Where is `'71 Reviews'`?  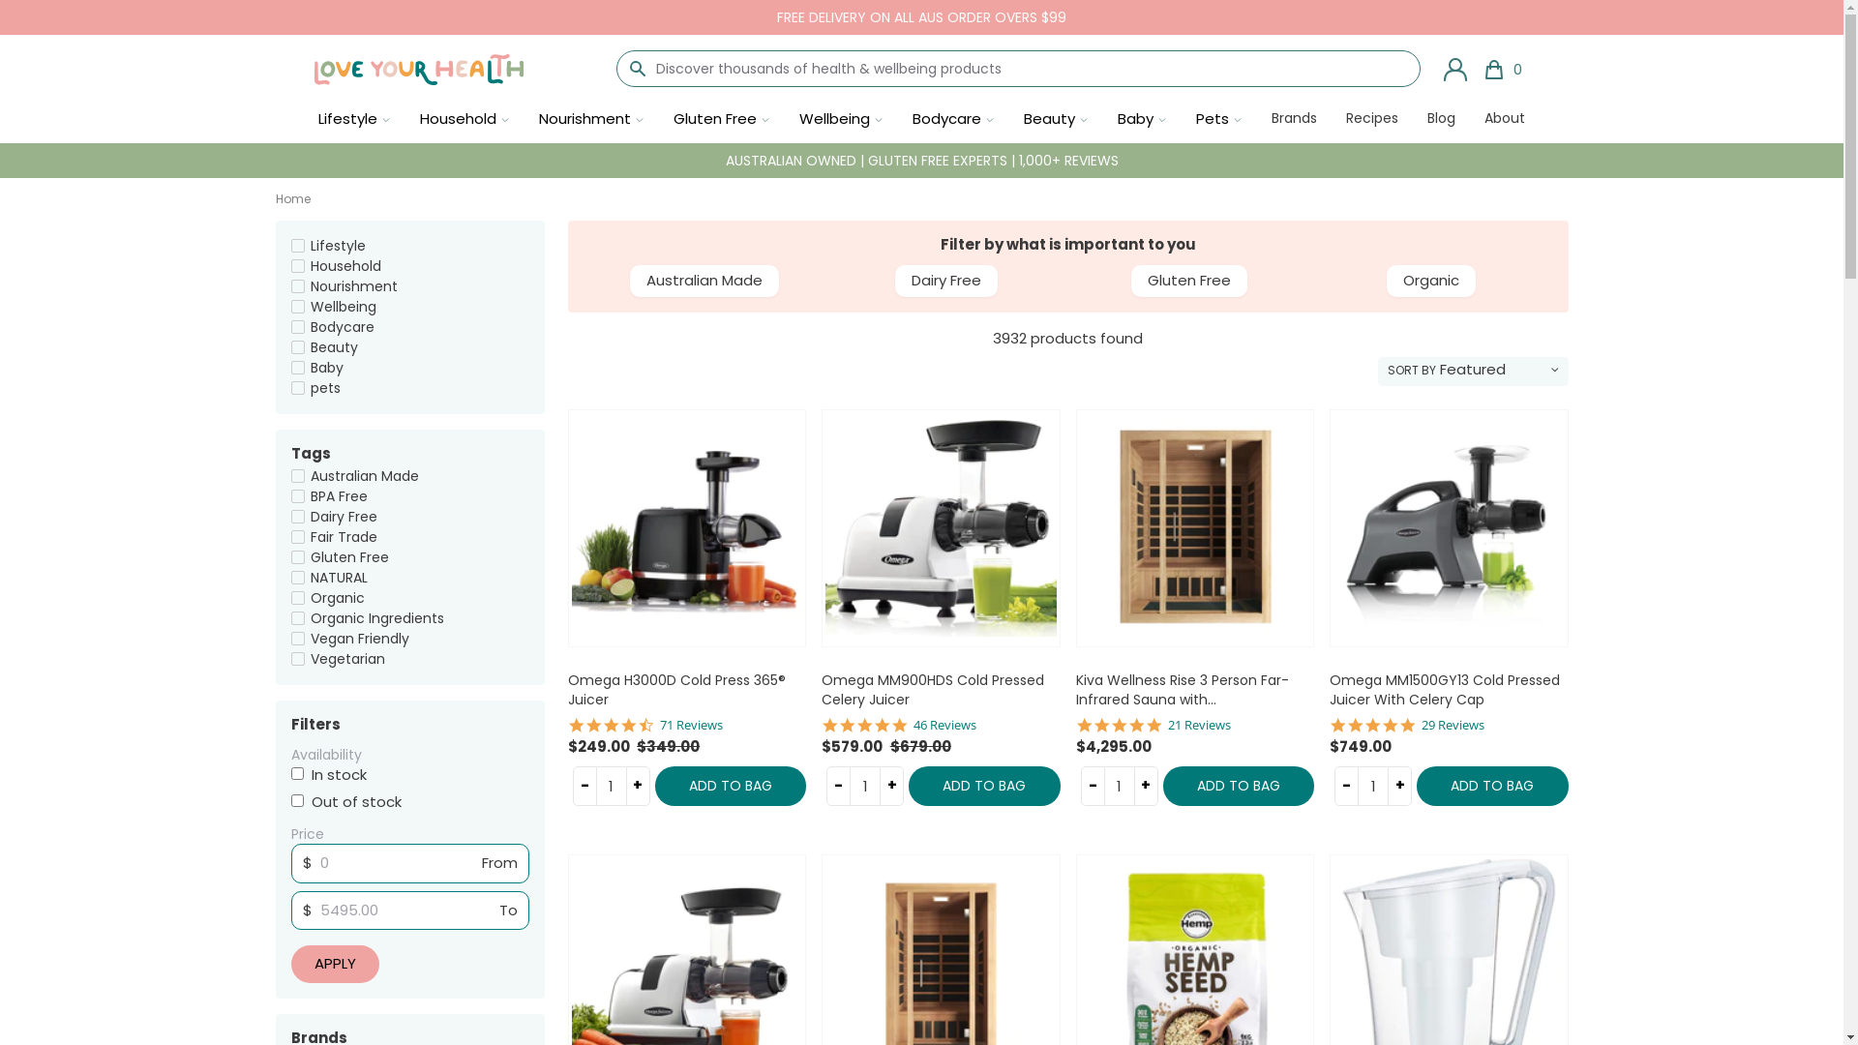
'71 Reviews' is located at coordinates (691, 725).